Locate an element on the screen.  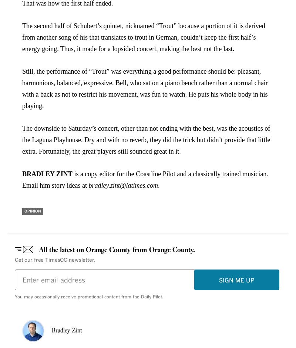
'The second half of Schubert’s quintet, nicknamed “Trout” because a portion of it is derived from another song of his that translates to trout in German, couldn’t keep the first half’s energy going. Thus, it made for a lopsided concert, making the best not the last.' is located at coordinates (143, 37).